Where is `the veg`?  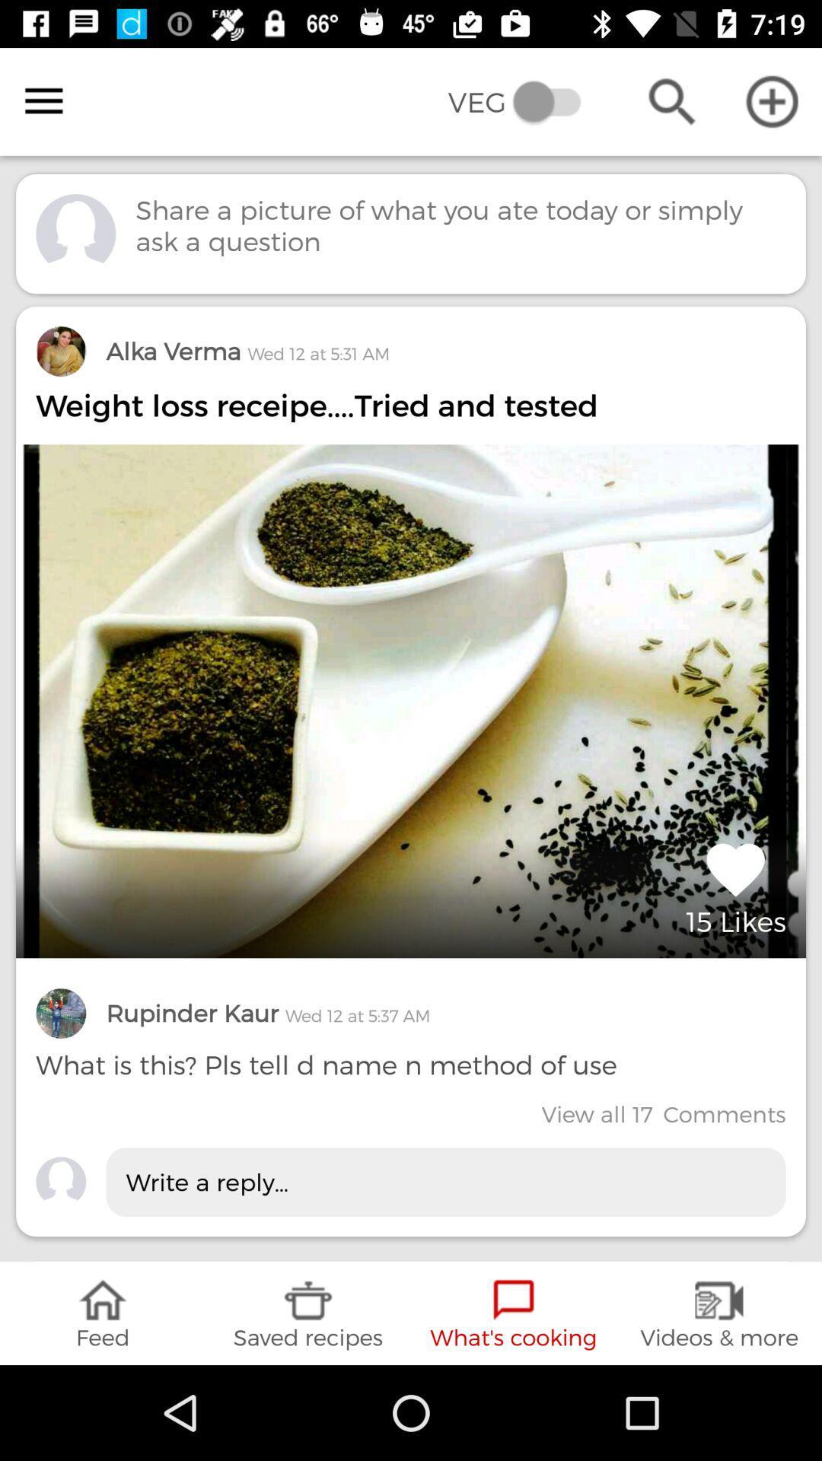
the veg is located at coordinates (524, 100).